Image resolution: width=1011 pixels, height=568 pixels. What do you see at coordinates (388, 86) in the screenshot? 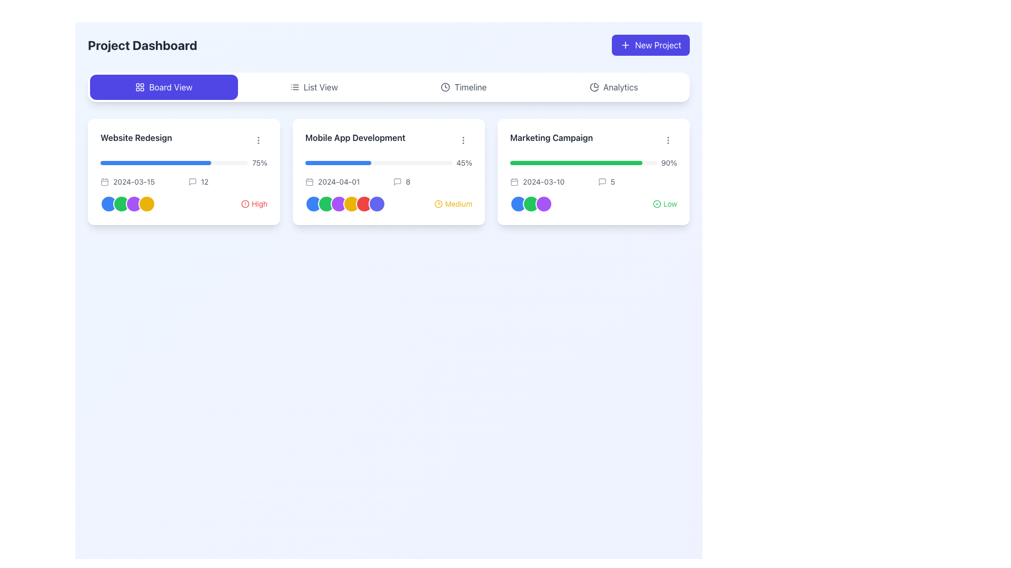
I see `the Toolbar with navigation options` at bounding box center [388, 86].